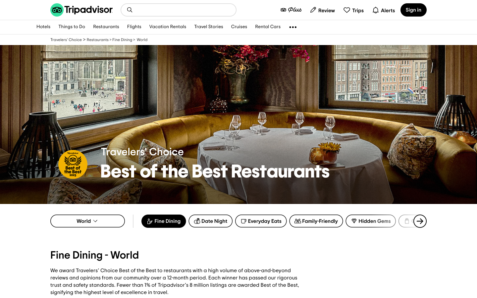  Describe the element at coordinates (290, 9) in the screenshot. I see `plus members webpage` at that location.